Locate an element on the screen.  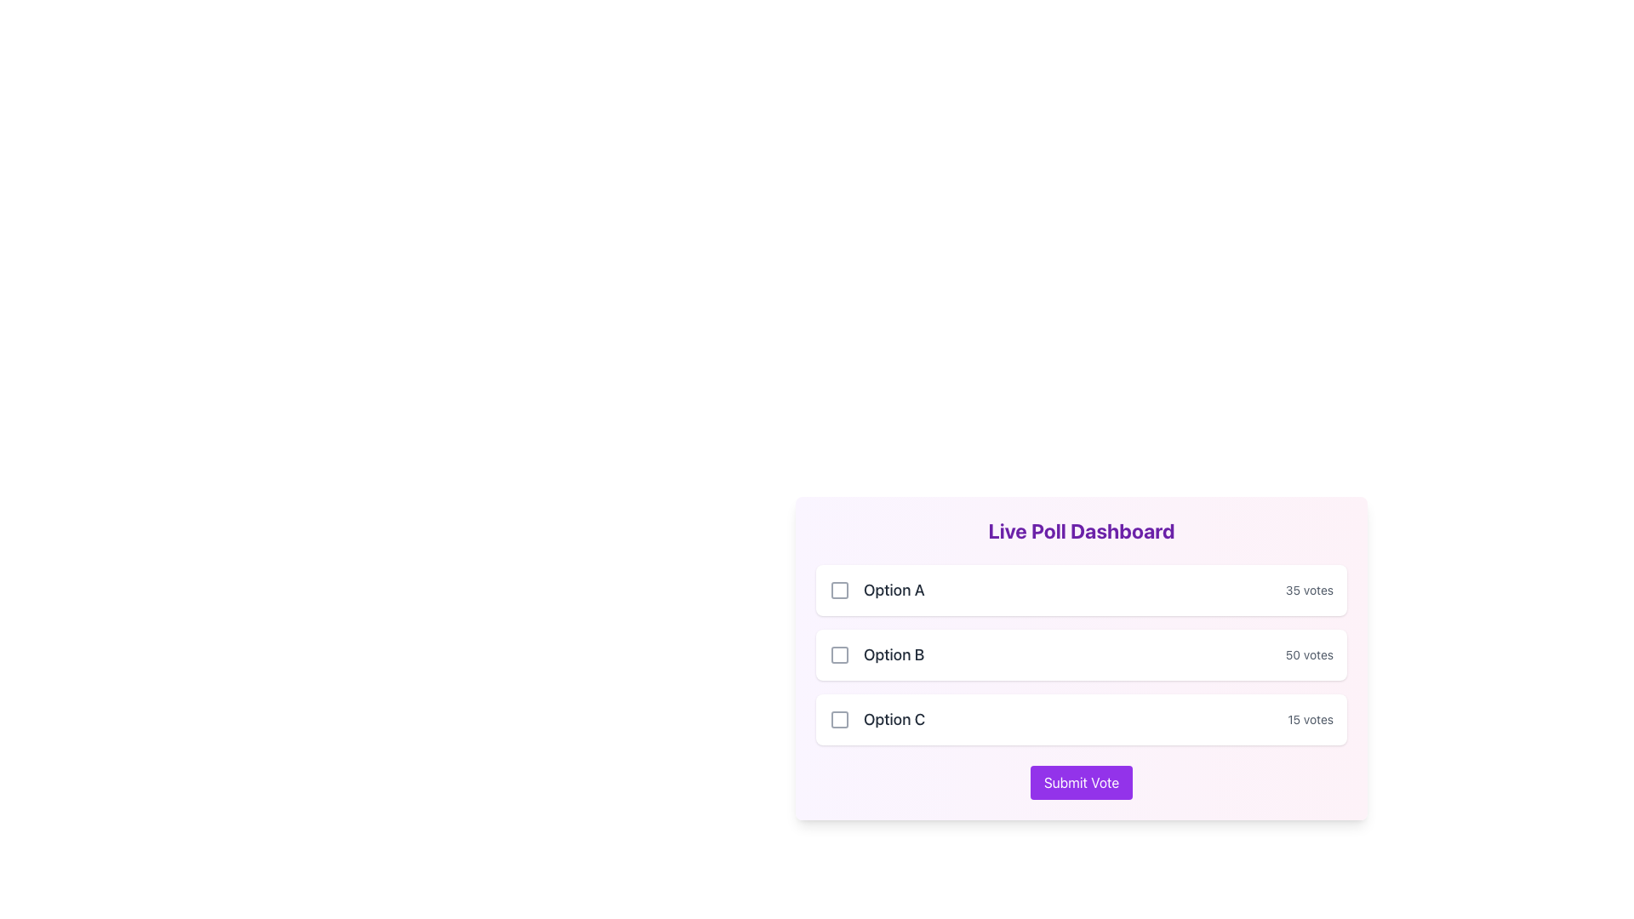
the interactive checkbox for 'Option B' in the poll setup to trigger visual feedback is located at coordinates (840, 654).